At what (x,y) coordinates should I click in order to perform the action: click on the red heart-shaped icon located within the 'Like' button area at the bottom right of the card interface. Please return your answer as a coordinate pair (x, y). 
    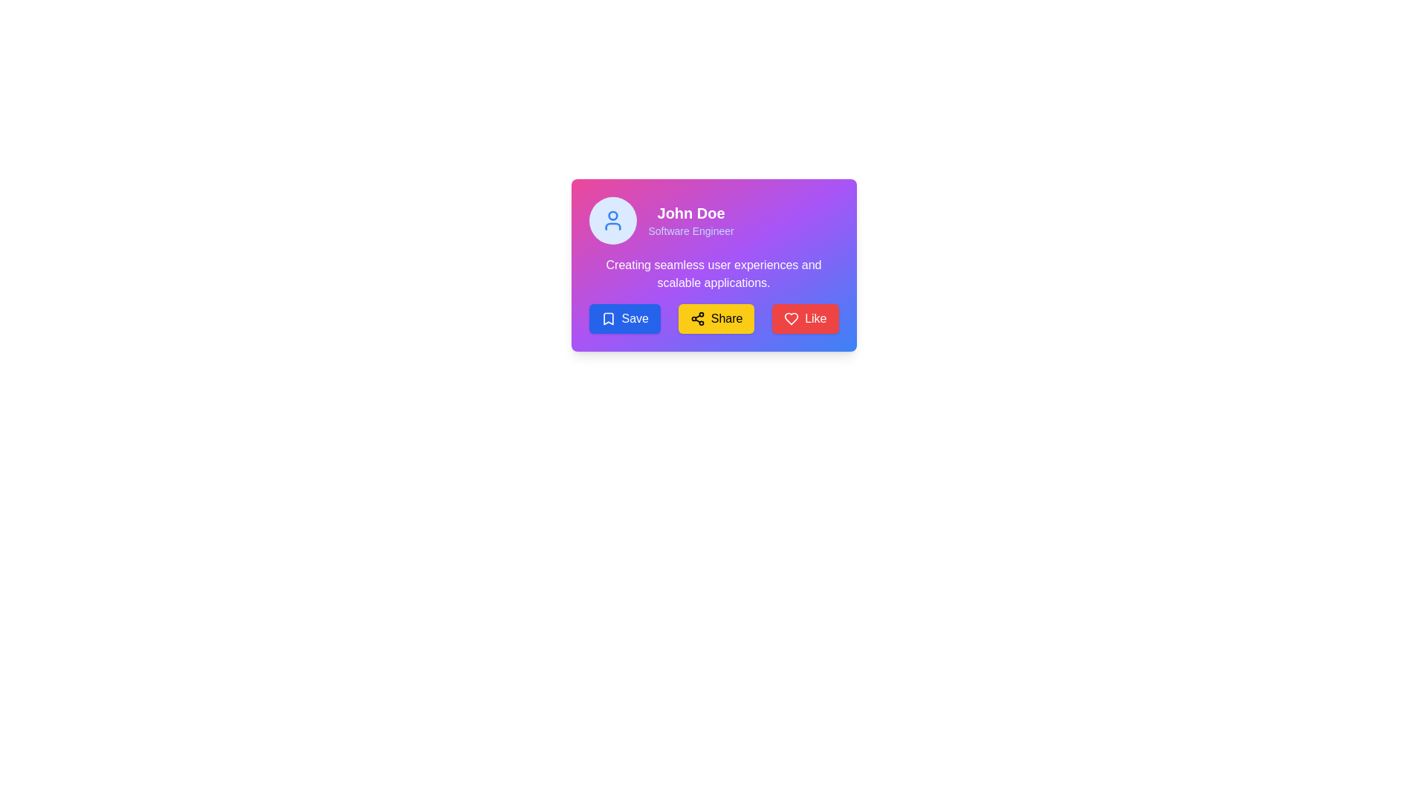
    Looking at the image, I should click on (791, 317).